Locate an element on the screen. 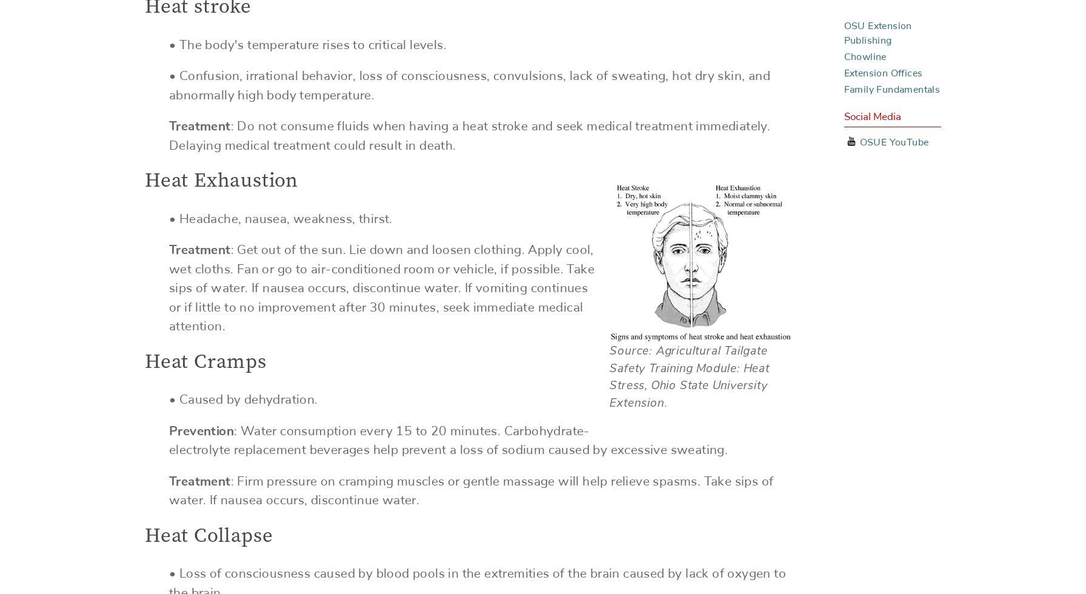  ': Firm pressure on cramping muscles or gentle massage will help relieve spasms. Take sips of water. If nausea occurs, discontinue water.' is located at coordinates (471, 490).